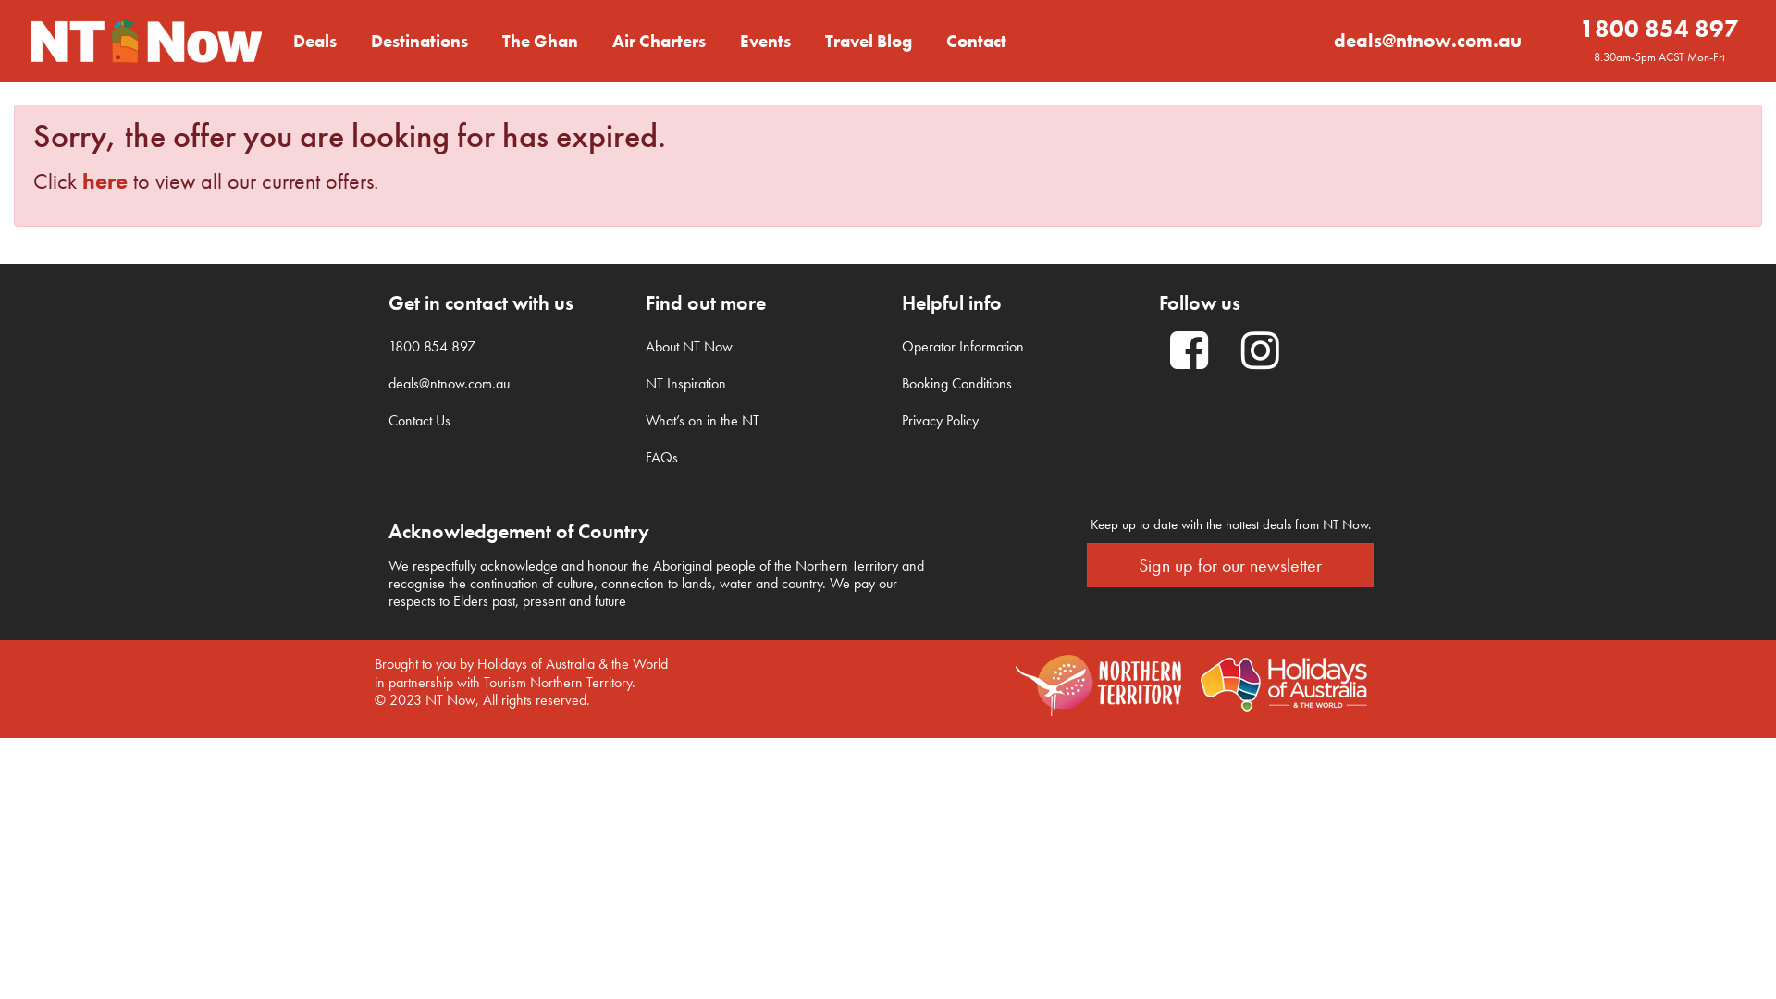  I want to click on 'NT Inspiration', so click(684, 382).